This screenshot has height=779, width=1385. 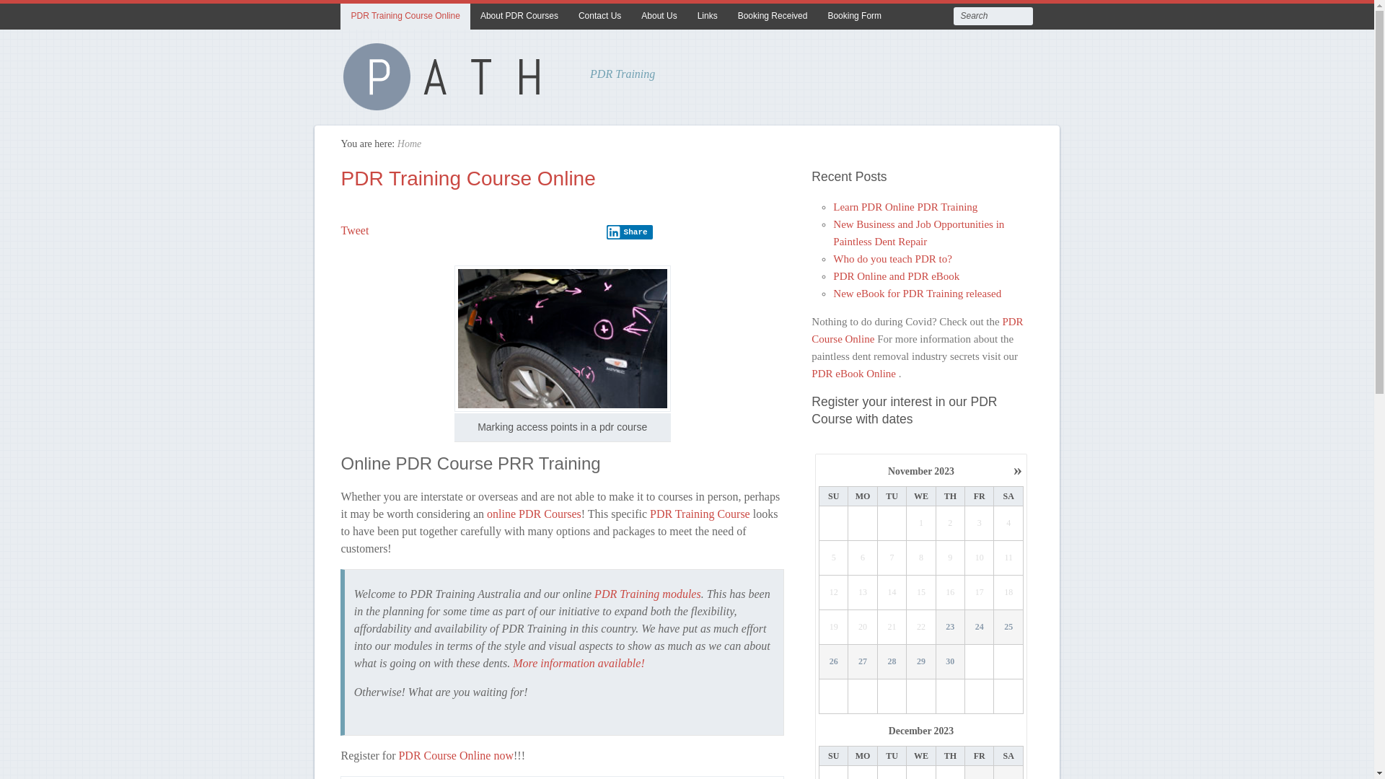 What do you see at coordinates (980, 592) in the screenshot?
I see `'17'` at bounding box center [980, 592].